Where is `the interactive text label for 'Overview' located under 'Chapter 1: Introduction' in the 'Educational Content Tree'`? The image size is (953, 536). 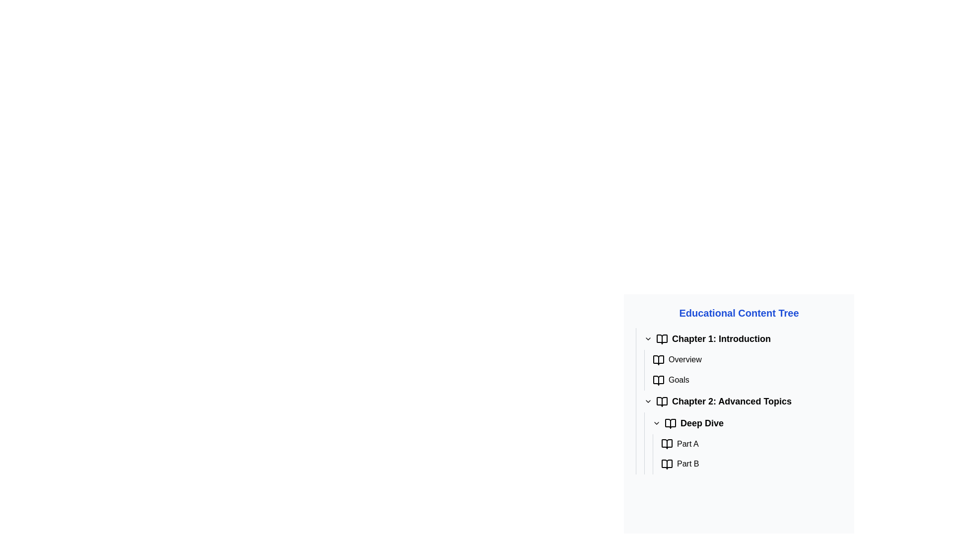 the interactive text label for 'Overview' located under 'Chapter 1: Introduction' in the 'Educational Content Tree' is located at coordinates (677, 360).